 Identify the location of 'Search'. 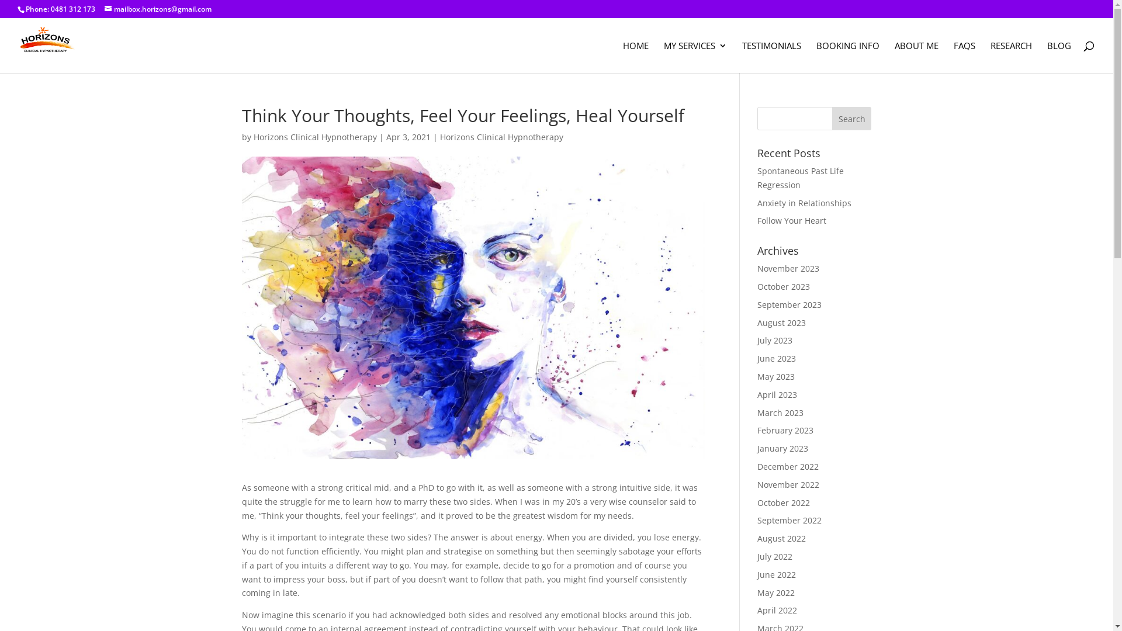
(852, 119).